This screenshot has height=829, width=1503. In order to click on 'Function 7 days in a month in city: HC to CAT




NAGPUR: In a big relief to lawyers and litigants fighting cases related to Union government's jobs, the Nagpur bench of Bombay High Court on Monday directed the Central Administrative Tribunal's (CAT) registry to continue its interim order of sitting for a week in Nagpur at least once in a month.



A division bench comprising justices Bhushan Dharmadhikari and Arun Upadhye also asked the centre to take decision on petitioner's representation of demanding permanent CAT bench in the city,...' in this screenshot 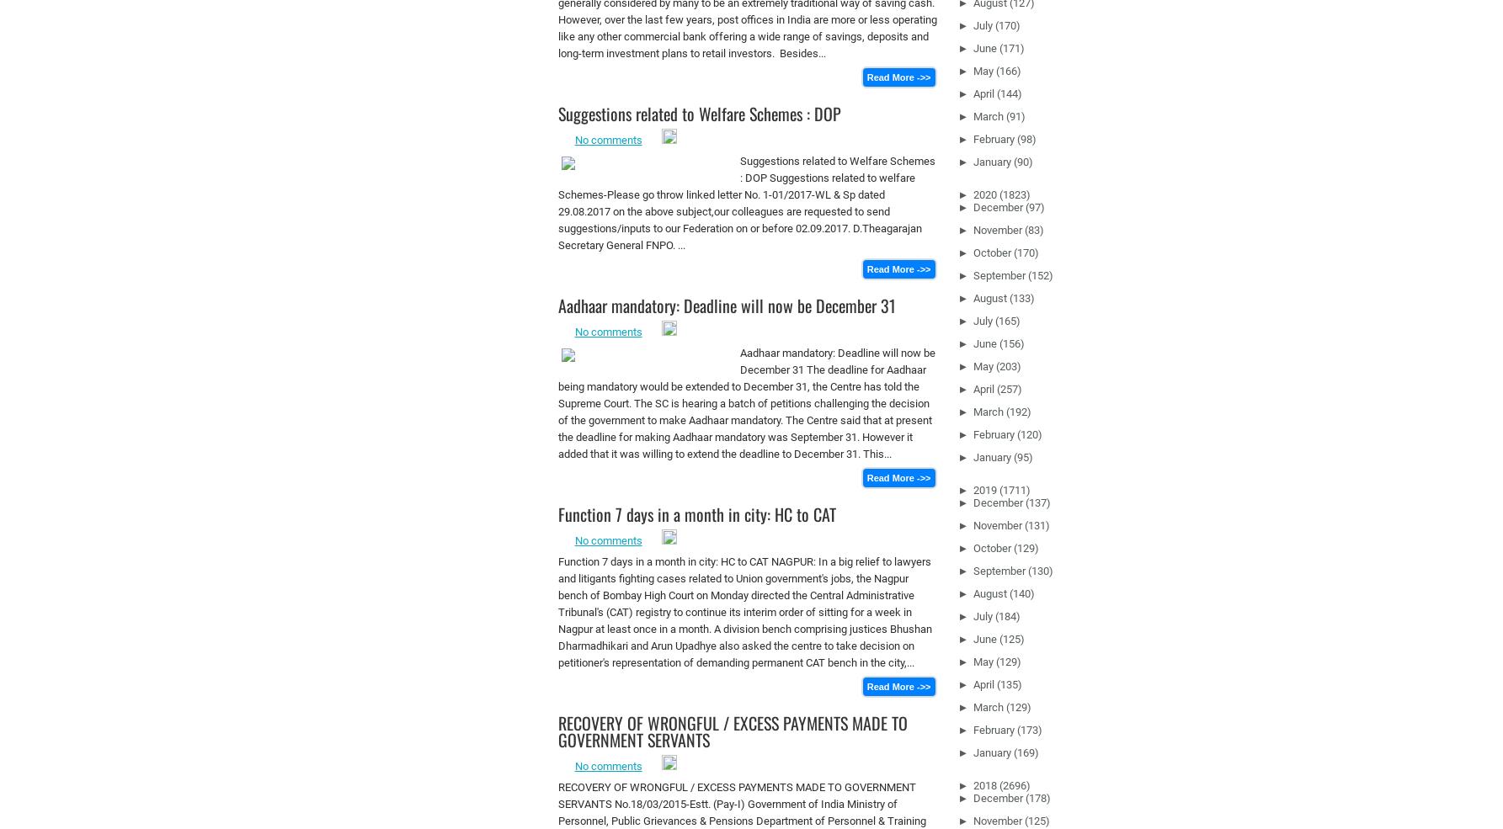, I will do `click(744, 612)`.